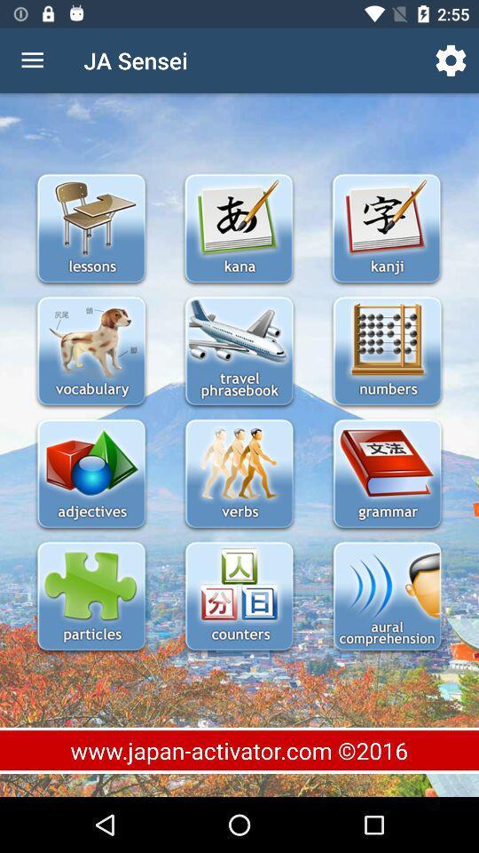 The width and height of the screenshot is (479, 853). Describe the element at coordinates (239, 229) in the screenshot. I see `kana` at that location.